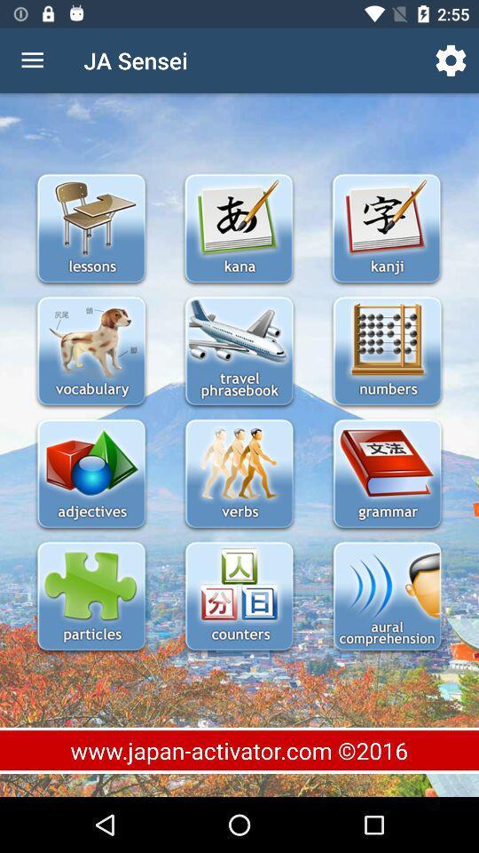 The width and height of the screenshot is (479, 853). Describe the element at coordinates (239, 229) in the screenshot. I see `kana` at that location.